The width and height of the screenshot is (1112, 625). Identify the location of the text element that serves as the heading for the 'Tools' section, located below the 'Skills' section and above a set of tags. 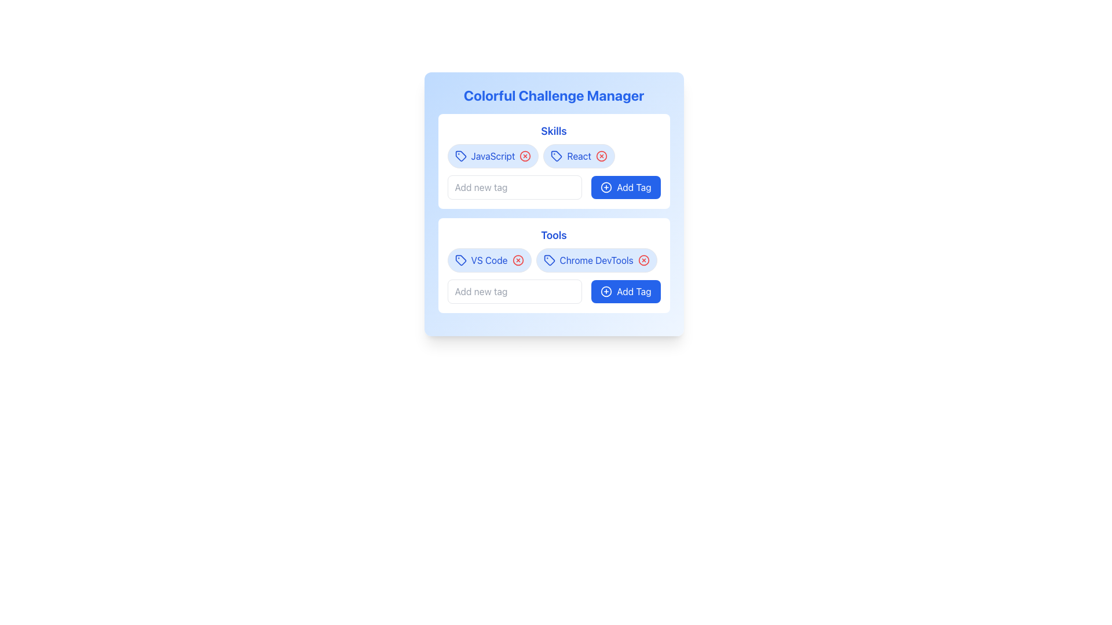
(553, 235).